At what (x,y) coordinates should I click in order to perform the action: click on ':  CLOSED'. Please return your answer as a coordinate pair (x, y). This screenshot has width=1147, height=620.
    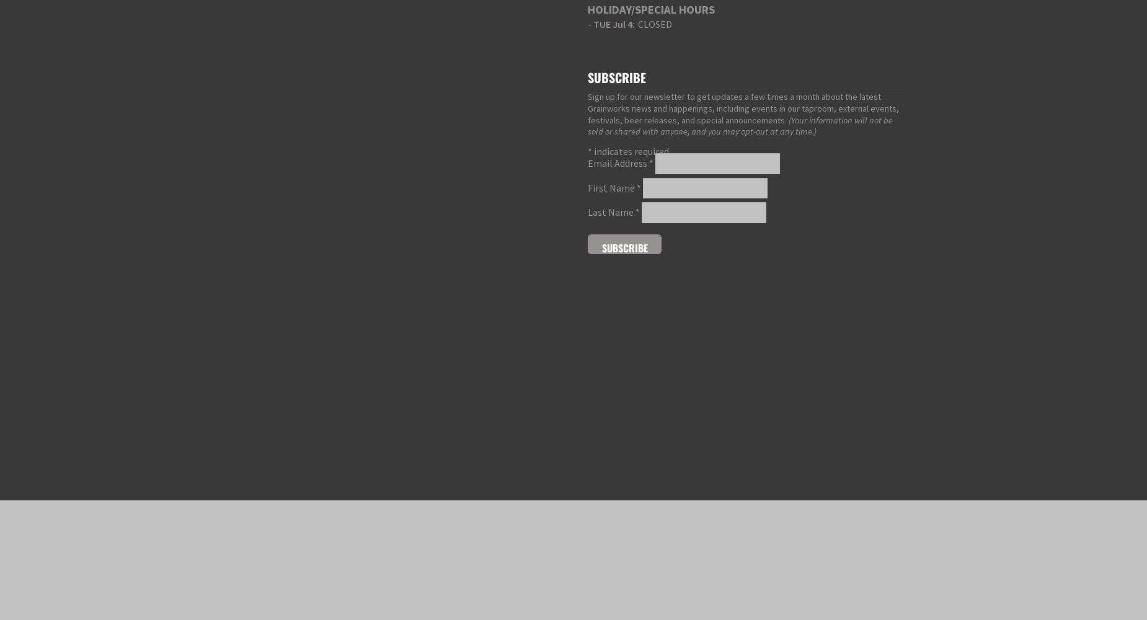
    Looking at the image, I should click on (653, 24).